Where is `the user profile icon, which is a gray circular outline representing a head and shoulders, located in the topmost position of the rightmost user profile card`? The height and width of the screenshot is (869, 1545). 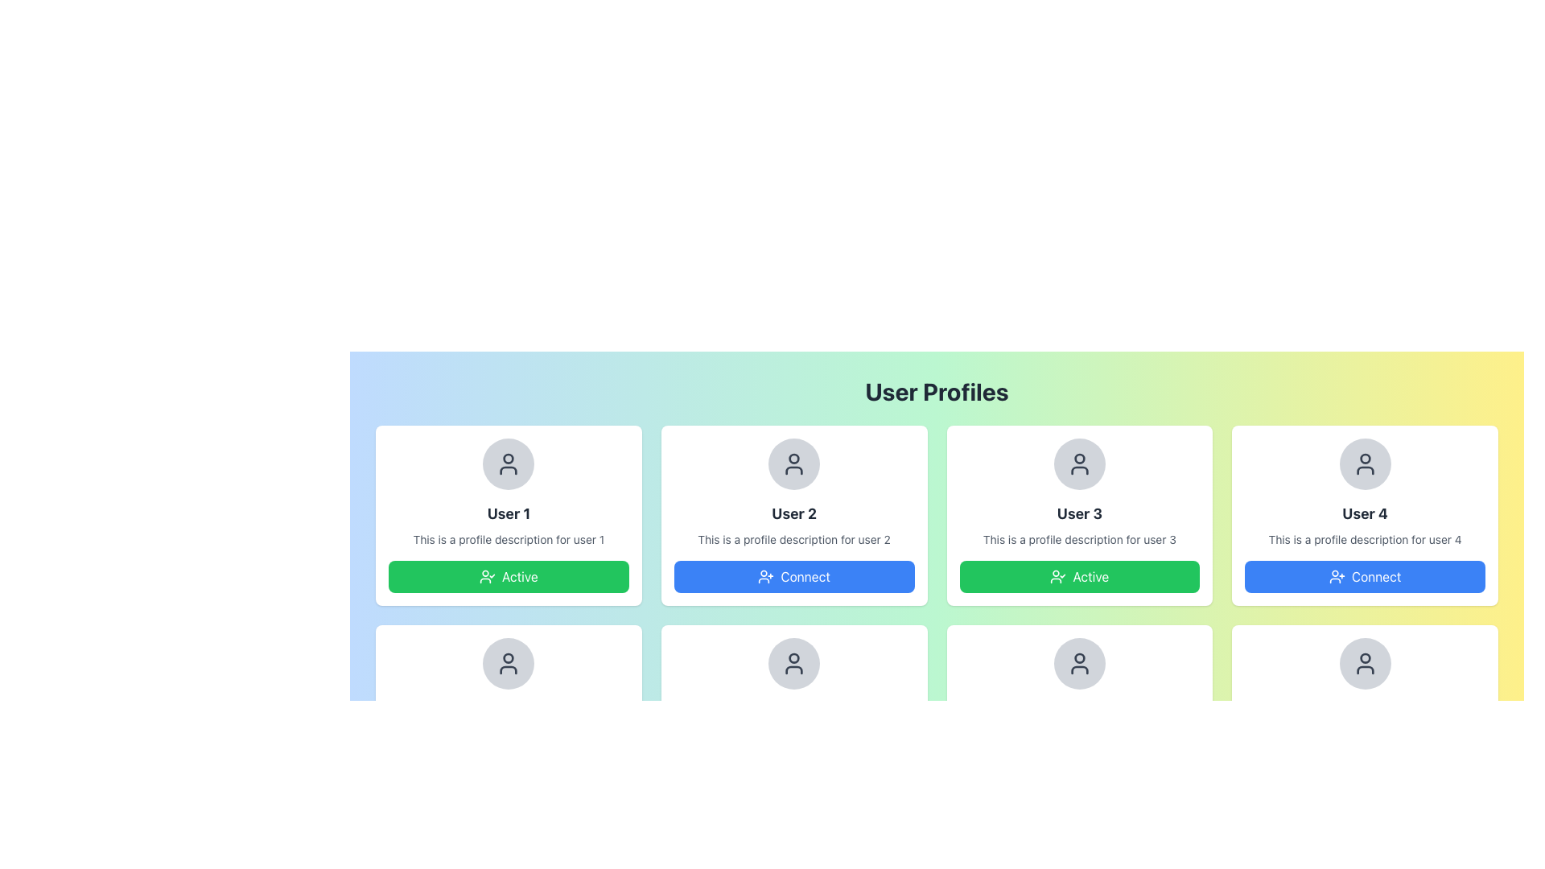 the user profile icon, which is a gray circular outline representing a head and shoulders, located in the topmost position of the rightmost user profile card is located at coordinates (1364, 464).